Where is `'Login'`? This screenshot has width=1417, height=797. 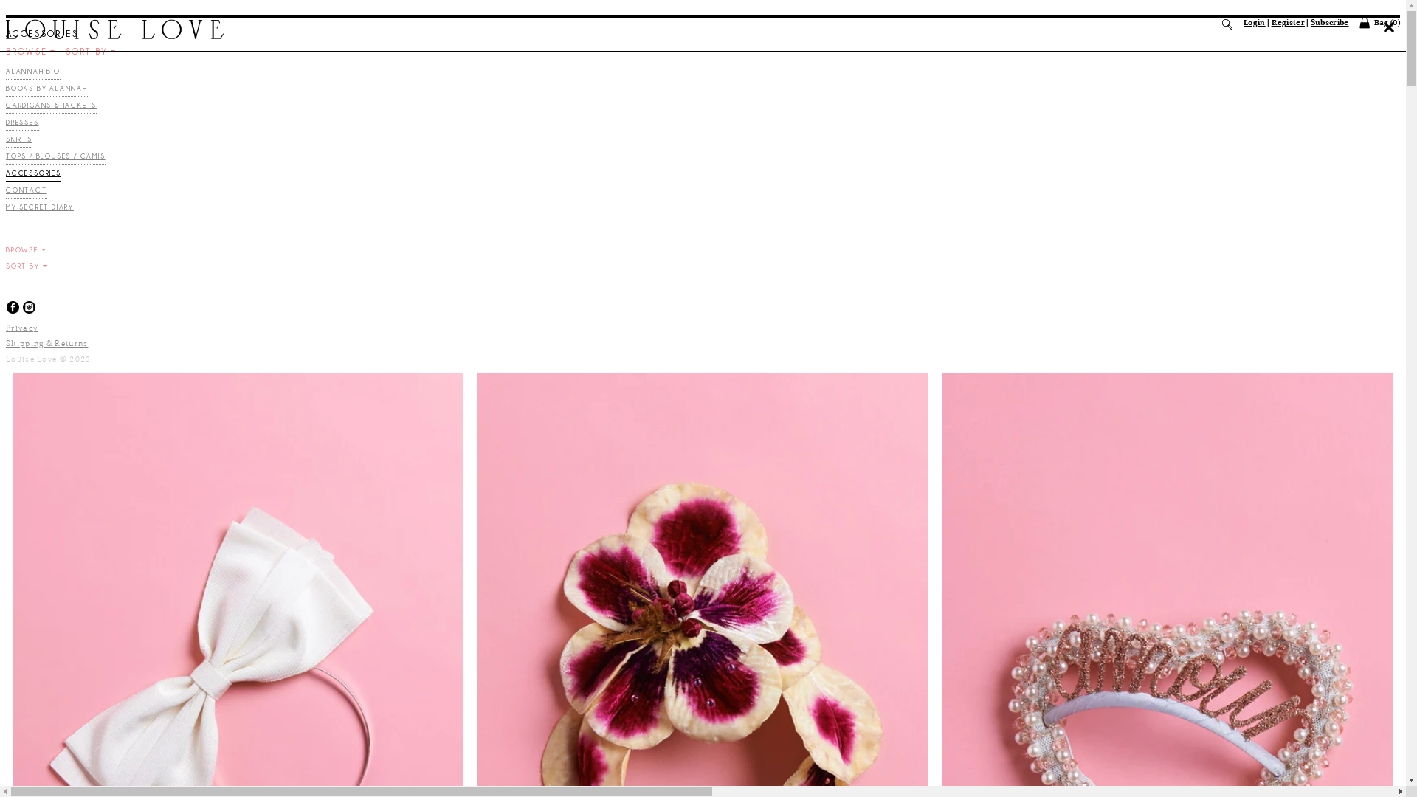
'Login' is located at coordinates (1242, 22).